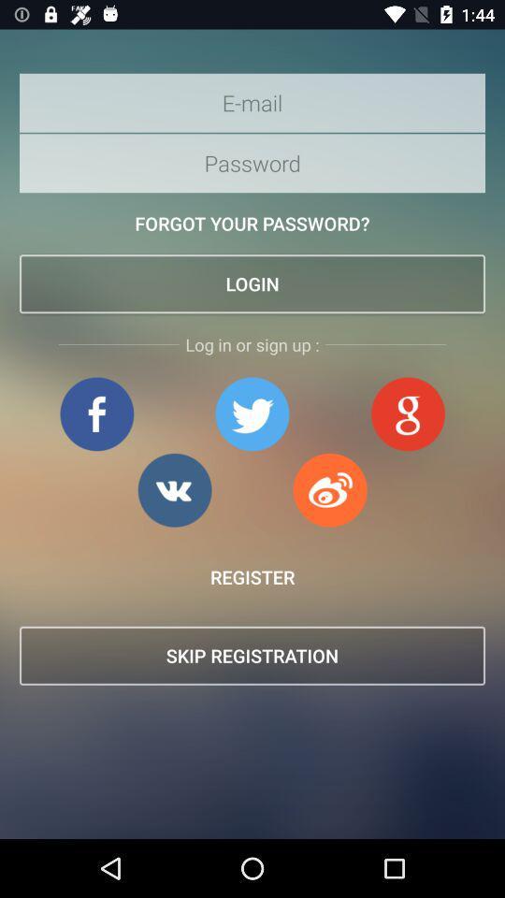 This screenshot has width=505, height=898. What do you see at coordinates (252, 656) in the screenshot?
I see `skip registration icon` at bounding box center [252, 656].